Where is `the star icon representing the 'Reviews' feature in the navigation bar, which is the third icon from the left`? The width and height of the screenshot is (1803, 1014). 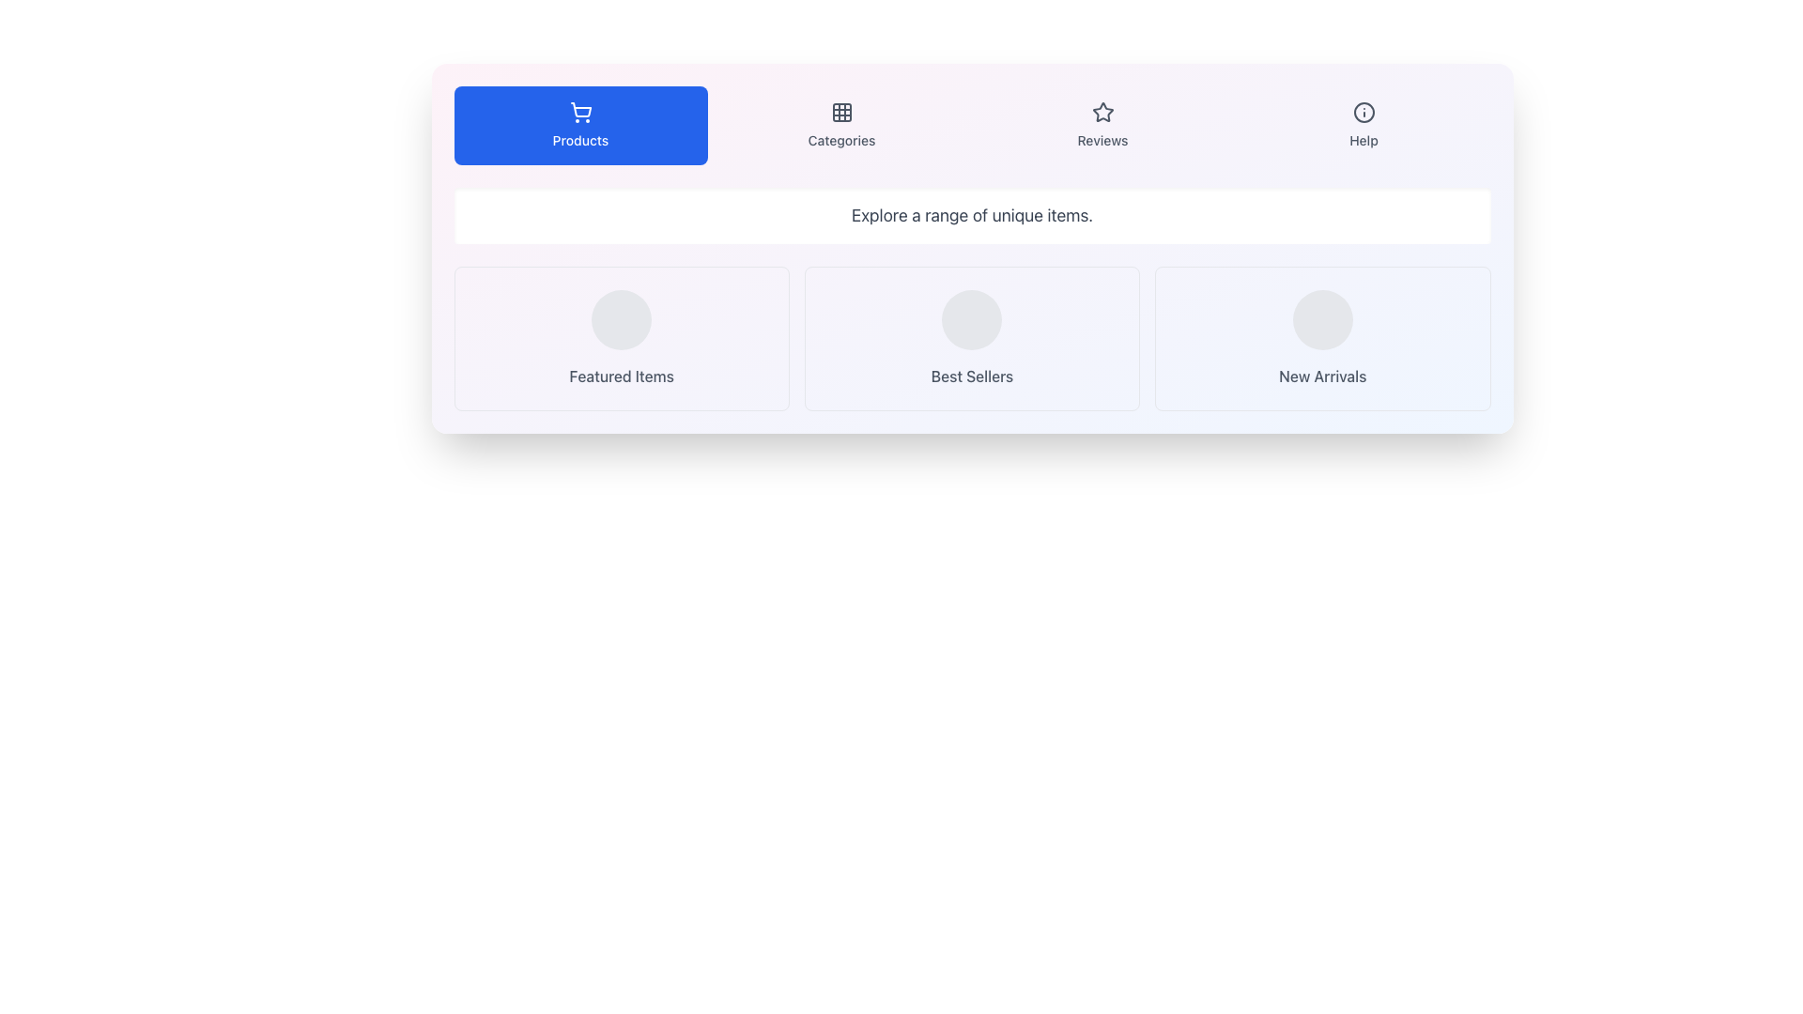
the star icon representing the 'Reviews' feature in the navigation bar, which is the third icon from the left is located at coordinates (1102, 112).